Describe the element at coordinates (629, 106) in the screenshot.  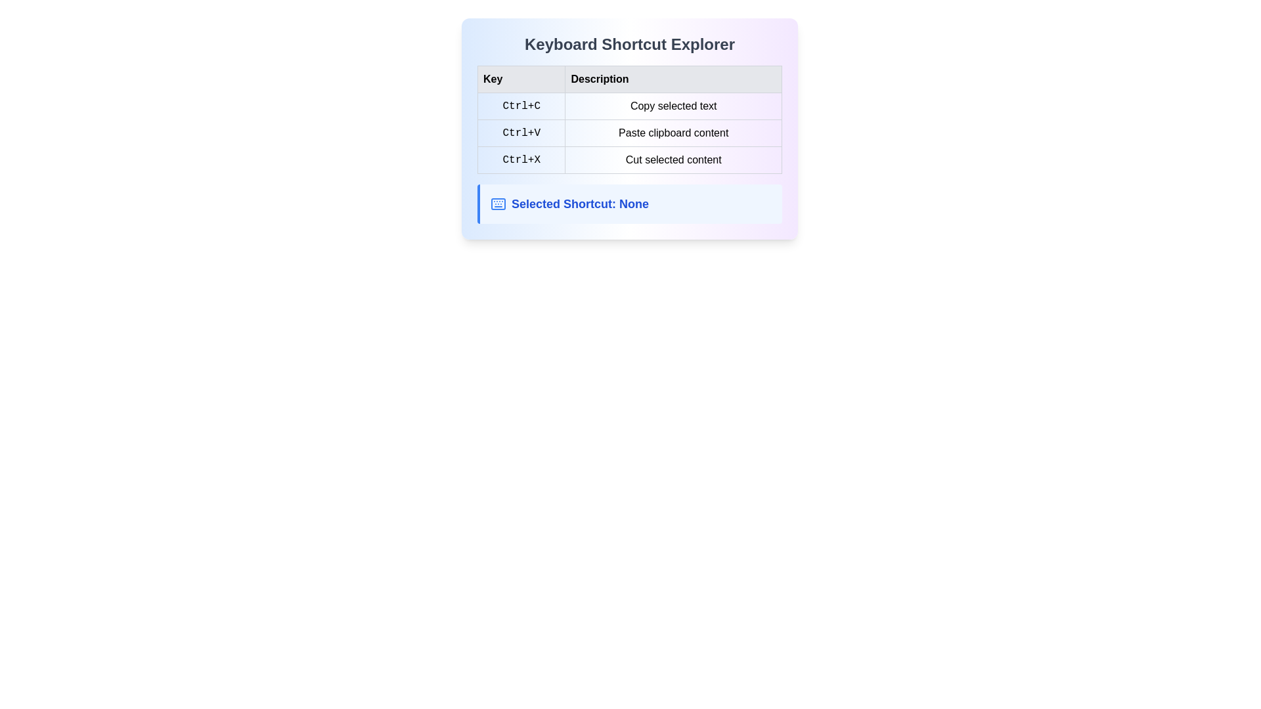
I see `the first row of the table that provides information about the keyboard shortcut 'Ctrl+C' used for copying text` at that location.